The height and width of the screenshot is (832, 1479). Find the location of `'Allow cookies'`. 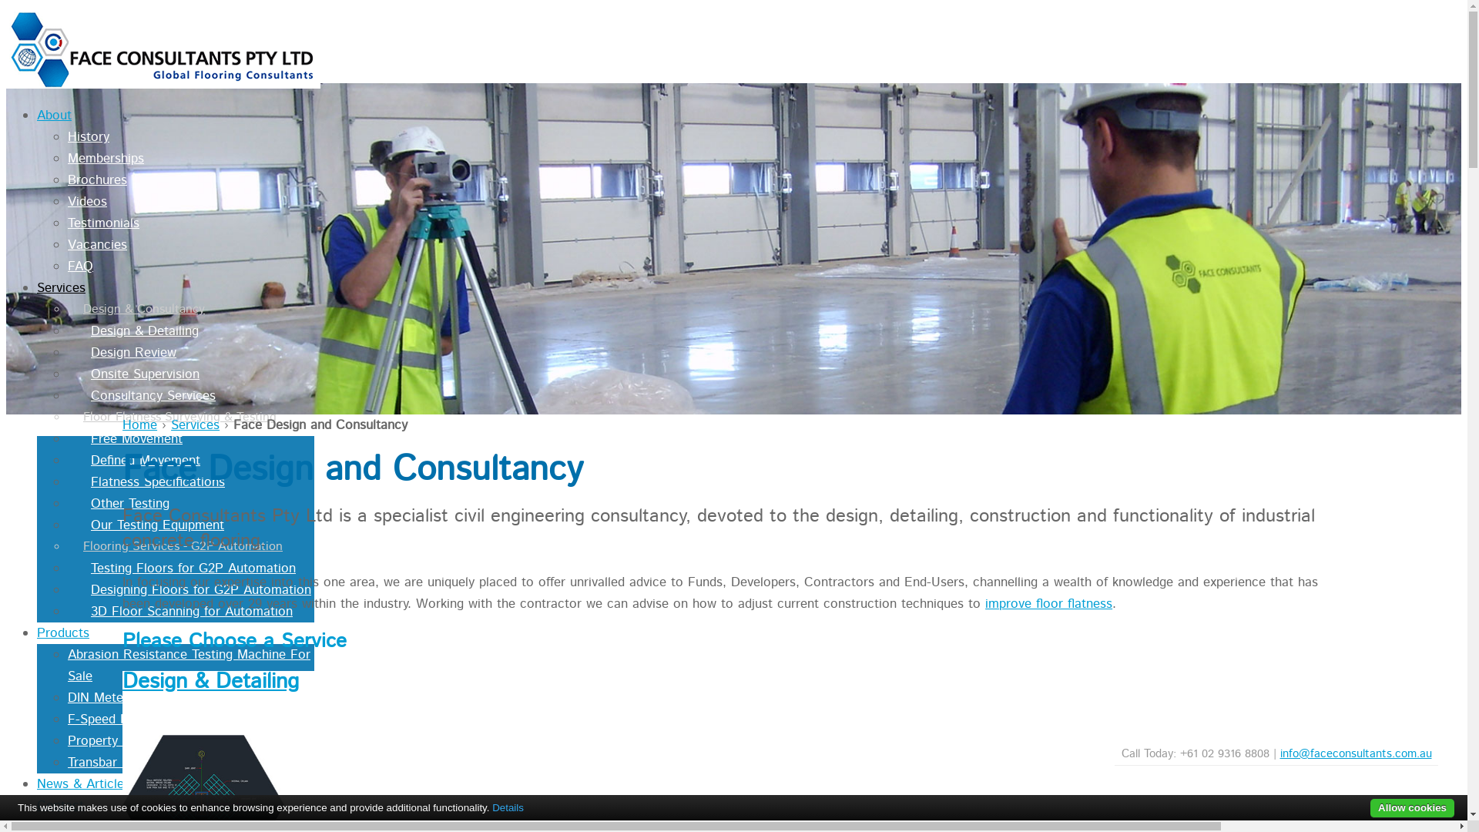

'Allow cookies' is located at coordinates (1412, 807).